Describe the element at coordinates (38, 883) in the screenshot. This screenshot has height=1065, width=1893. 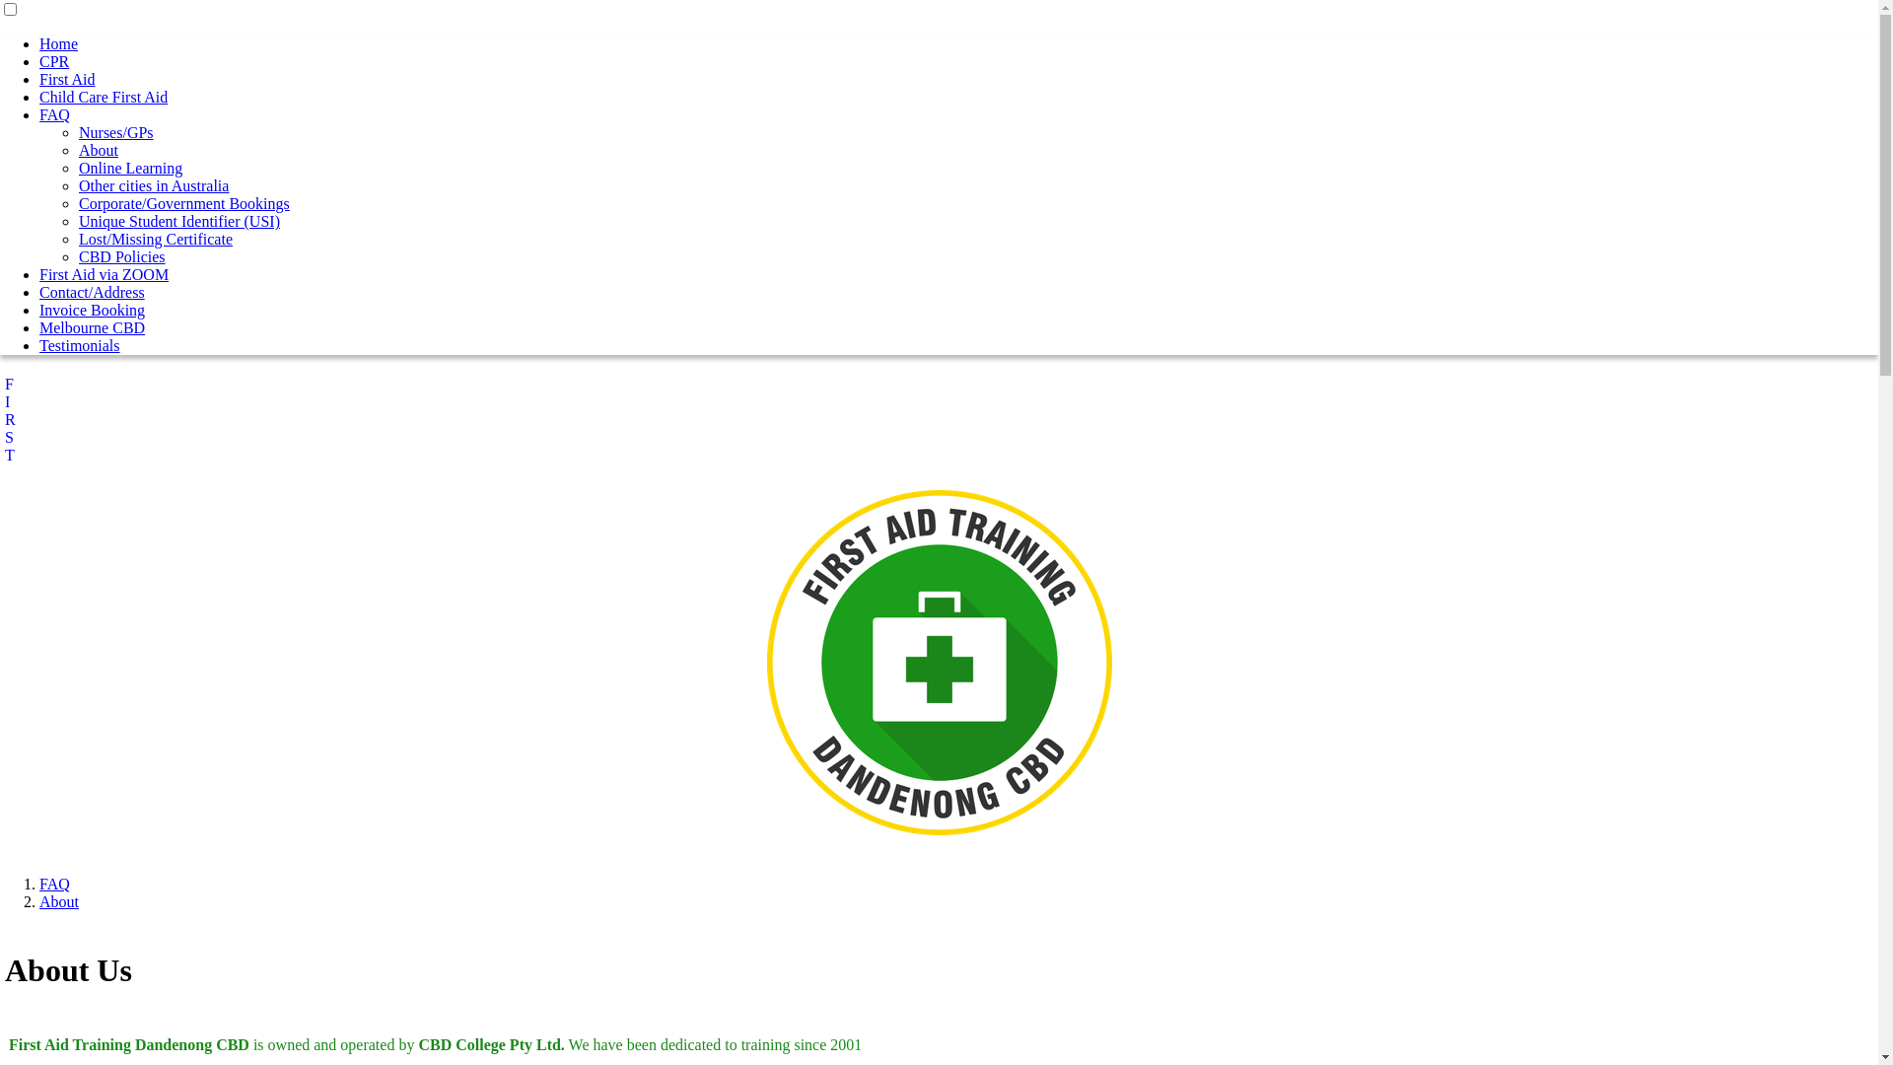
I see `'FAQ'` at that location.